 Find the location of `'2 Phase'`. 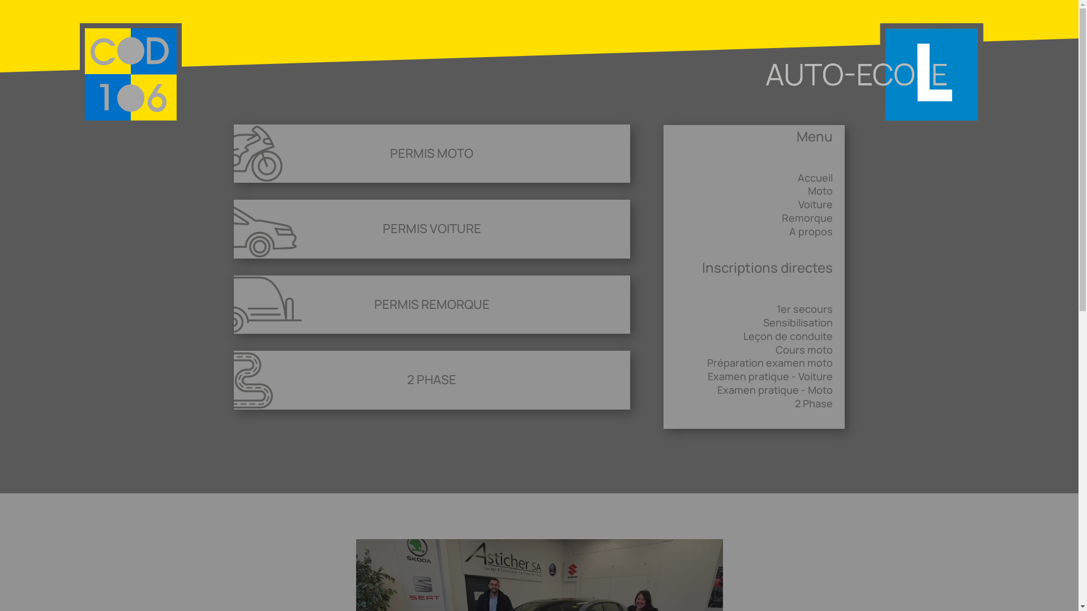

'2 Phase' is located at coordinates (813, 403).